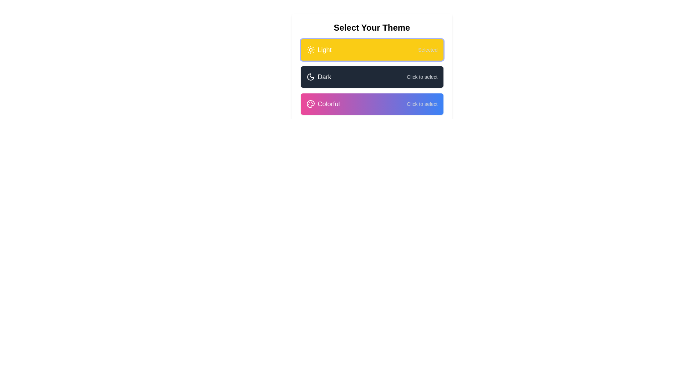 Image resolution: width=685 pixels, height=385 pixels. What do you see at coordinates (371, 104) in the screenshot?
I see `the theme Colorful to view its hover effect` at bounding box center [371, 104].